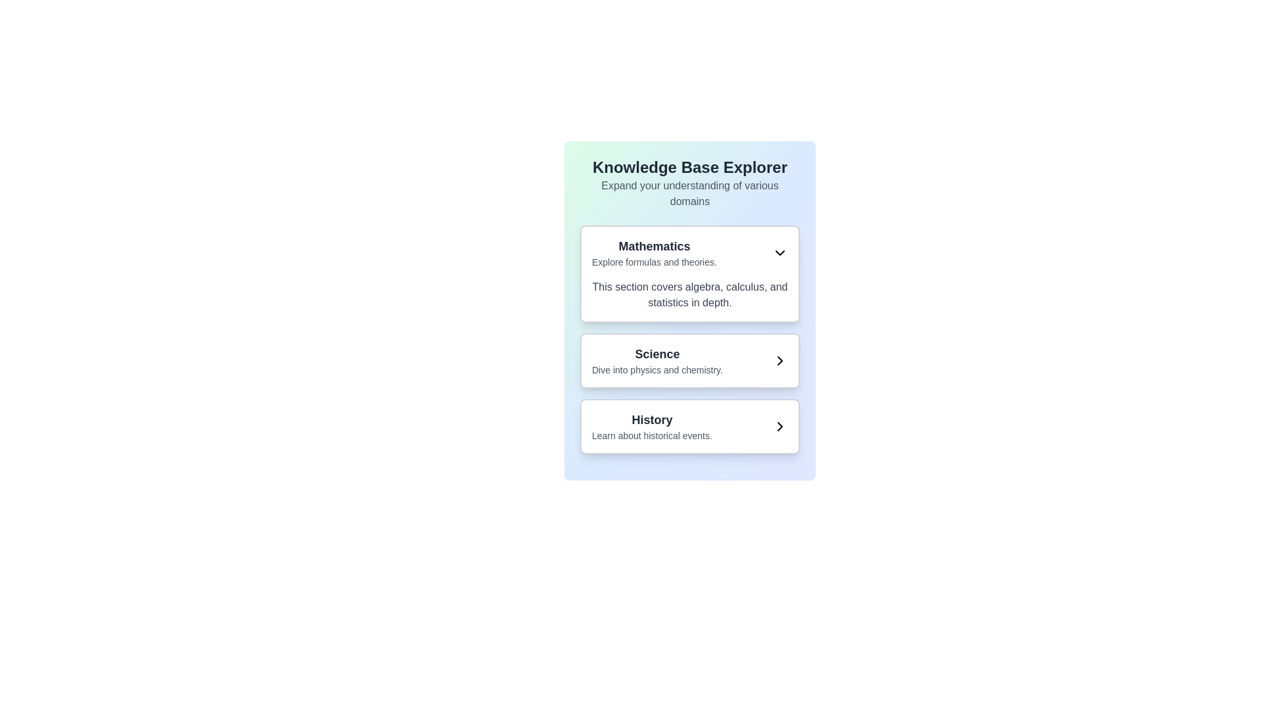 This screenshot has width=1263, height=710. Describe the element at coordinates (689, 426) in the screenshot. I see `the list item titled 'History' that contains a bold heading and a description about historical events, located as the third option in the 'Knowledge Base Explorer' section` at that location.